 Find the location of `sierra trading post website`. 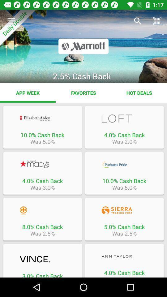

sierra trading post website is located at coordinates (124, 210).